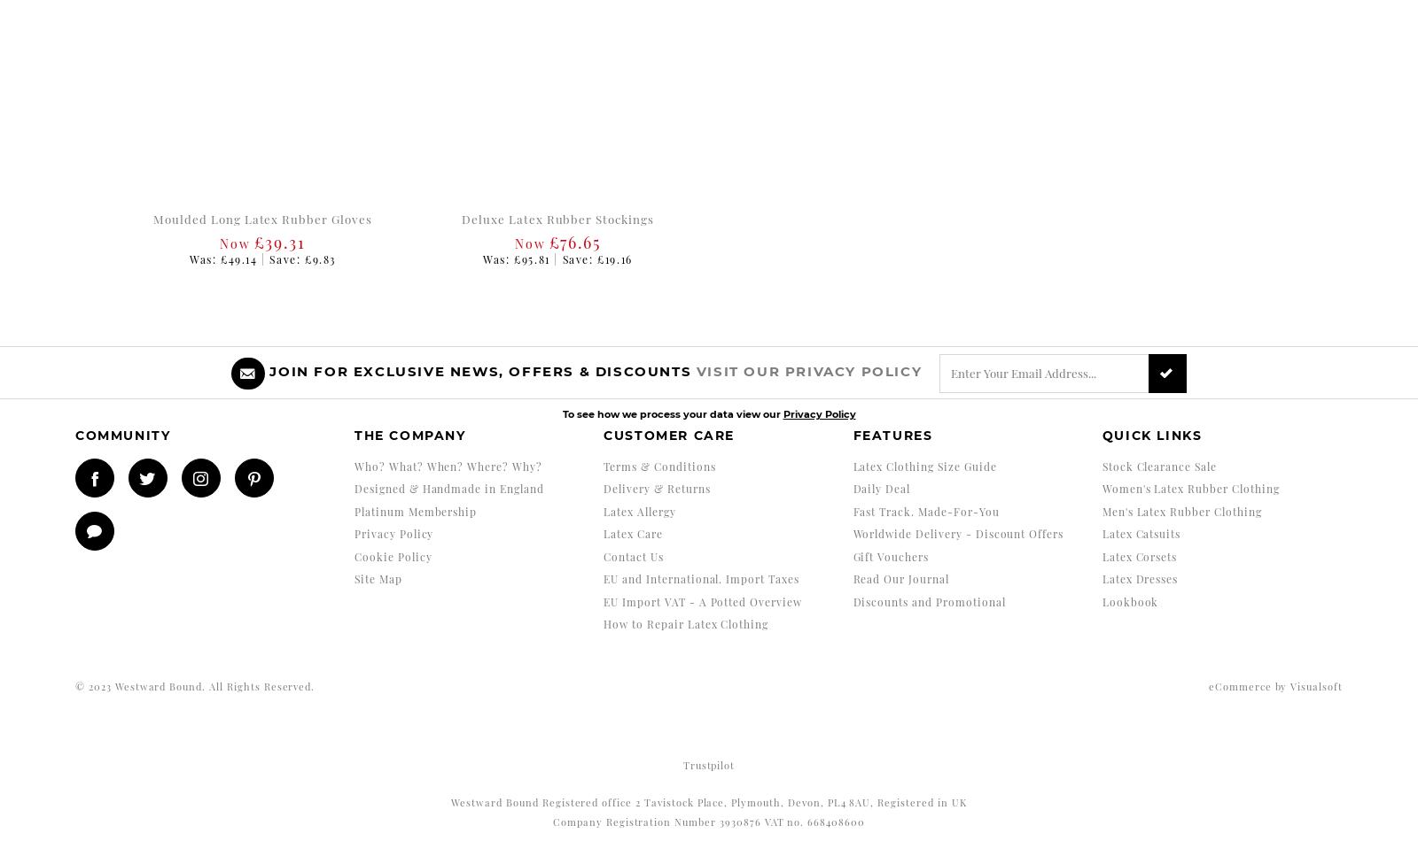 The height and width of the screenshot is (841, 1418). What do you see at coordinates (1150, 436) in the screenshot?
I see `'Quick Links'` at bounding box center [1150, 436].